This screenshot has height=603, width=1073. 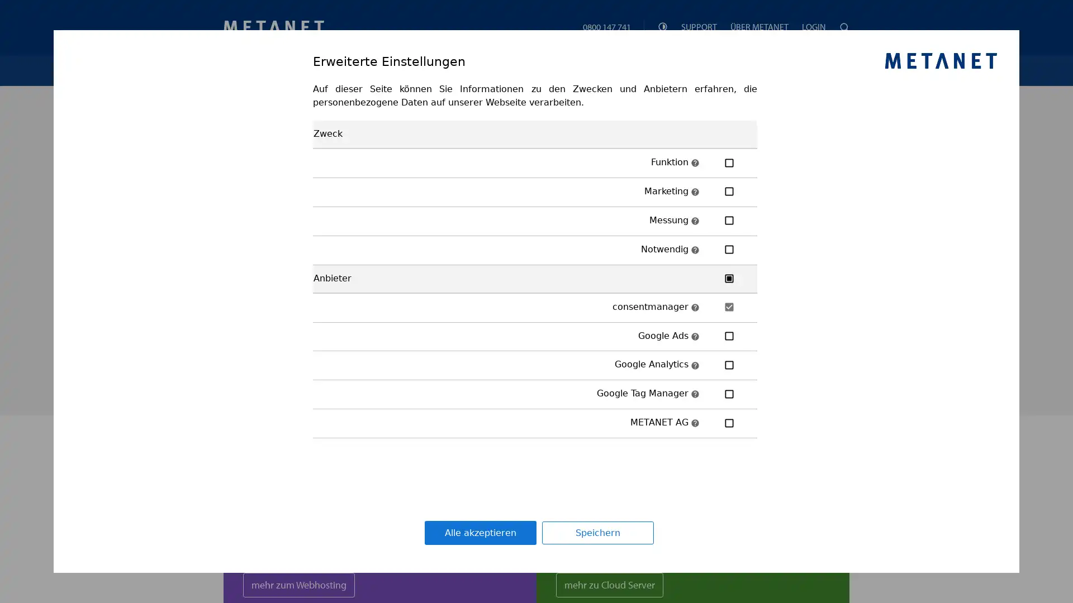 What do you see at coordinates (597, 532) in the screenshot?
I see `Speichern` at bounding box center [597, 532].